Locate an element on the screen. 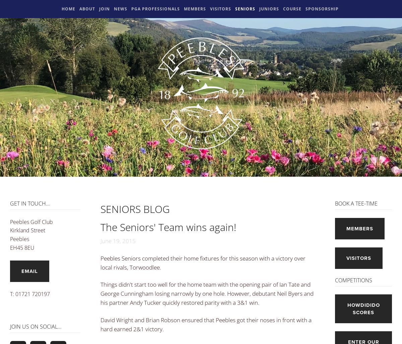 The width and height of the screenshot is (402, 344). 'About' is located at coordinates (87, 9).